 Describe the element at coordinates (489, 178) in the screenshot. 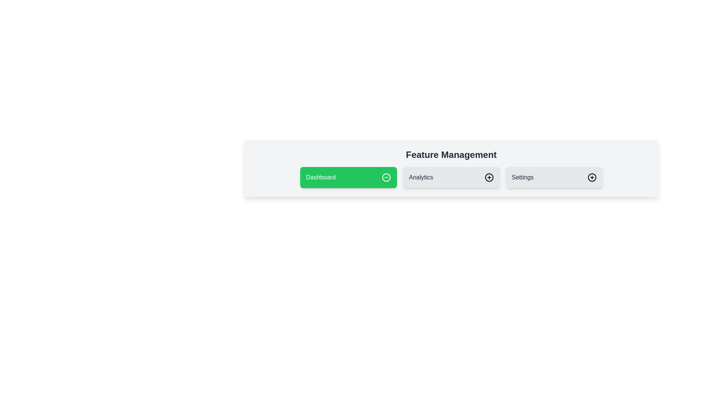

I see `the icon button located to the right of the 'Analytics' label, which is inside a gray rounded rectangle` at that location.